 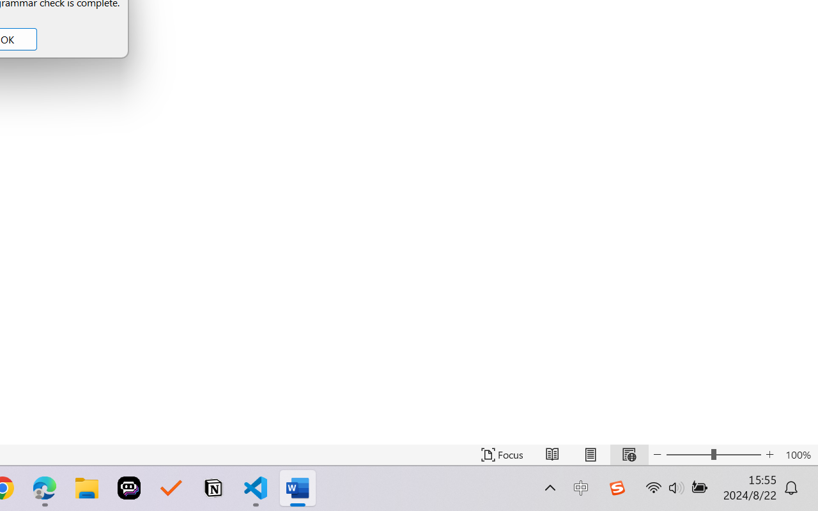 I want to click on 'Zoom Out', so click(x=688, y=454).